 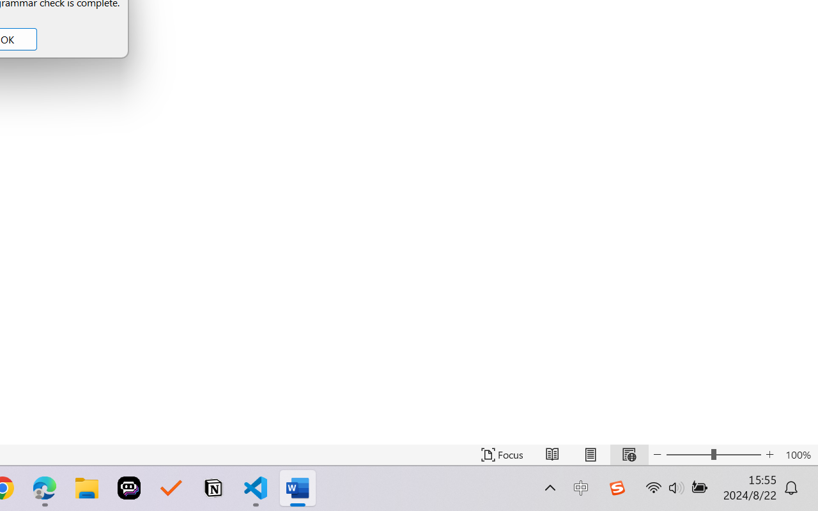 I want to click on 'Zoom Out', so click(x=688, y=454).